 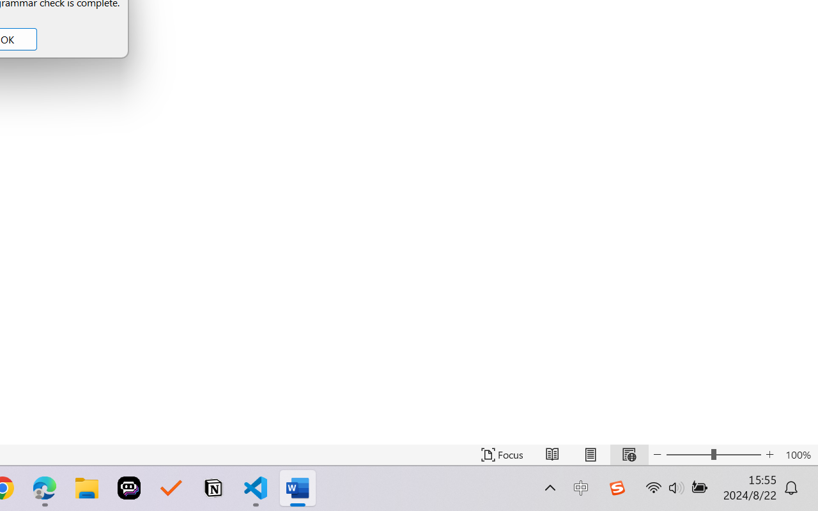 I want to click on 'Zoom Out', so click(x=688, y=454).